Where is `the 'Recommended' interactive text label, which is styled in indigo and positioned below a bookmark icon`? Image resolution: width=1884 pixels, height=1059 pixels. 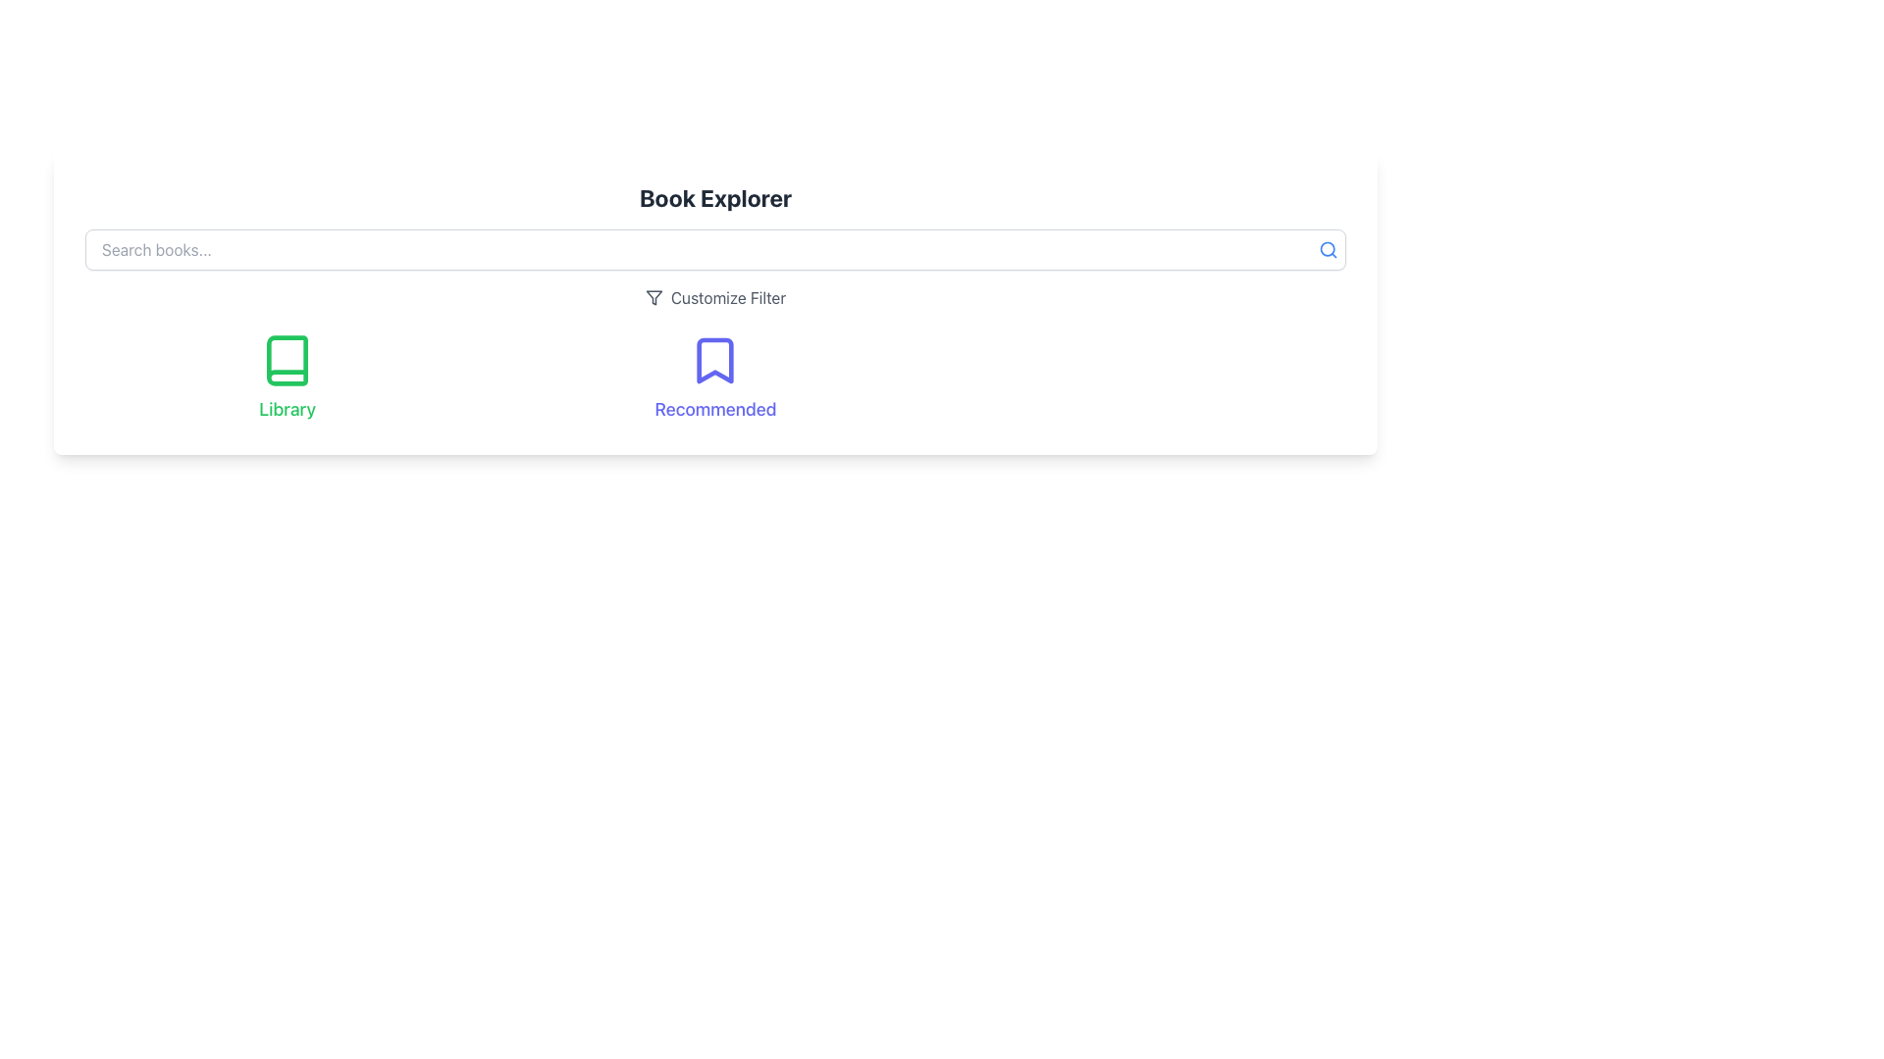 the 'Recommended' interactive text label, which is styled in indigo and positioned below a bookmark icon is located at coordinates (714, 408).